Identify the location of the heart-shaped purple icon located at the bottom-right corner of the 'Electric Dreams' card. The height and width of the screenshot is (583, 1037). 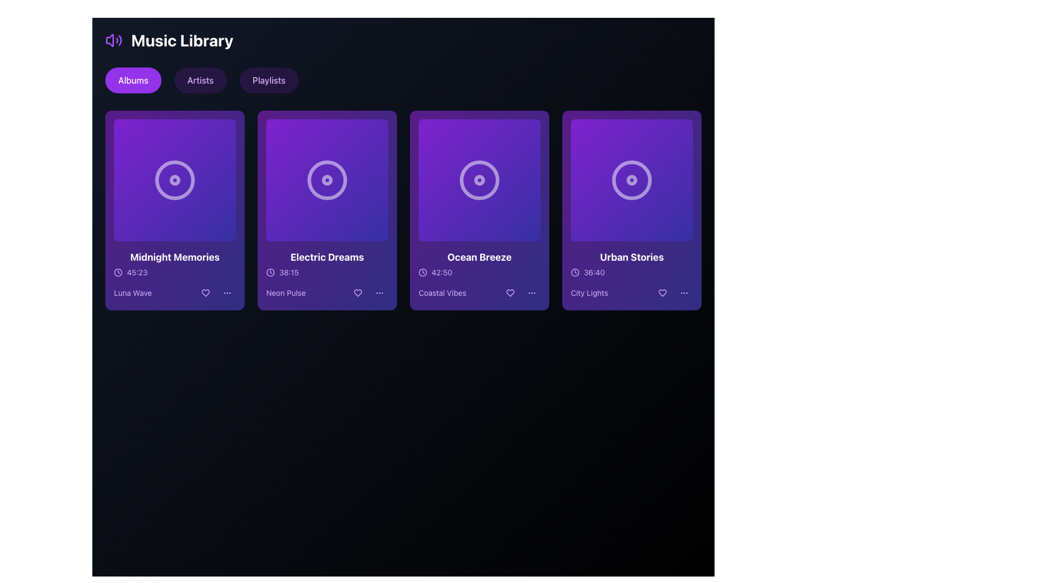
(358, 293).